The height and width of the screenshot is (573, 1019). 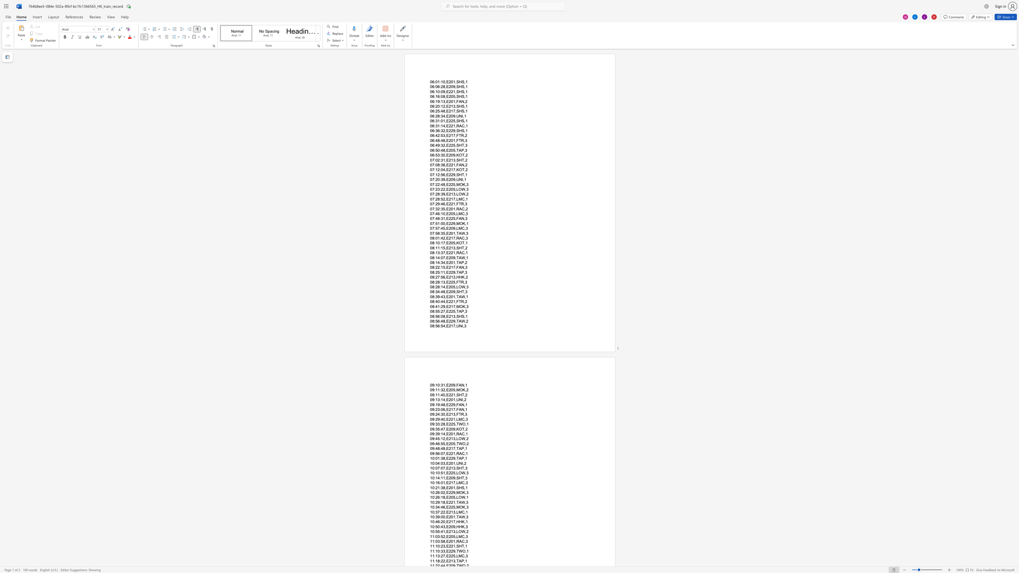 I want to click on the subset text "12:56,E229,SHT,1" within the text "07:12:56,E229,SHT,1", so click(x=435, y=174).